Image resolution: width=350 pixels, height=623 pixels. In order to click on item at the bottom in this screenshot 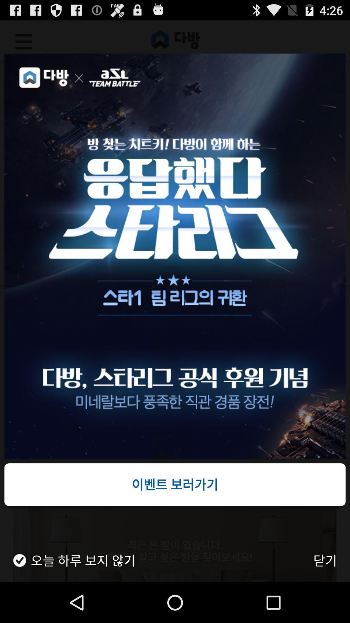, I will do `click(175, 484)`.